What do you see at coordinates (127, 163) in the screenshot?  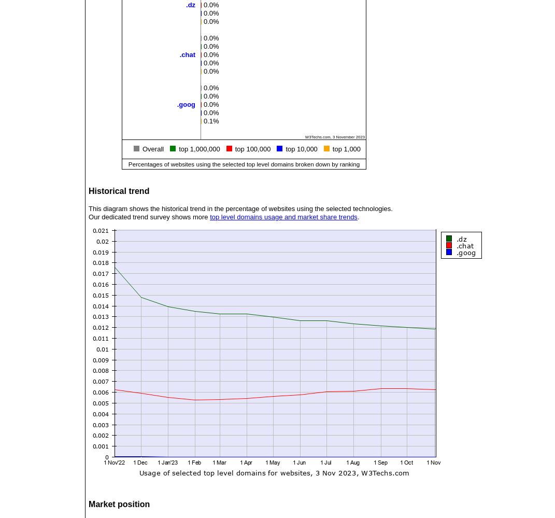 I see `'Percentages of websites using the selected top level domains broken down by ranking'` at bounding box center [127, 163].